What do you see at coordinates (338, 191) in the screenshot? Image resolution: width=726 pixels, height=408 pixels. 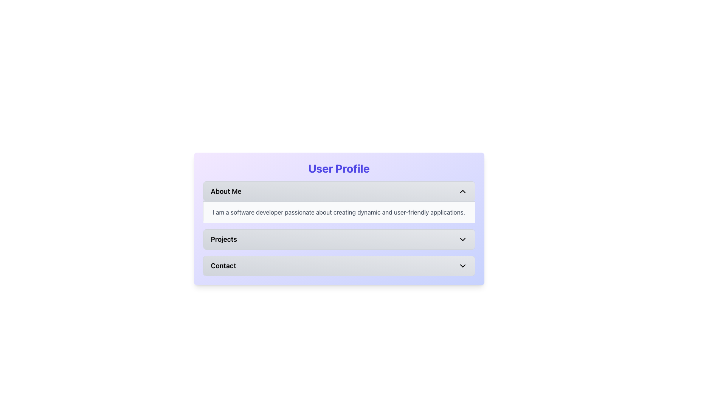 I see `the 'About Me' button located in the upper part of the User Profile section to interact` at bounding box center [338, 191].